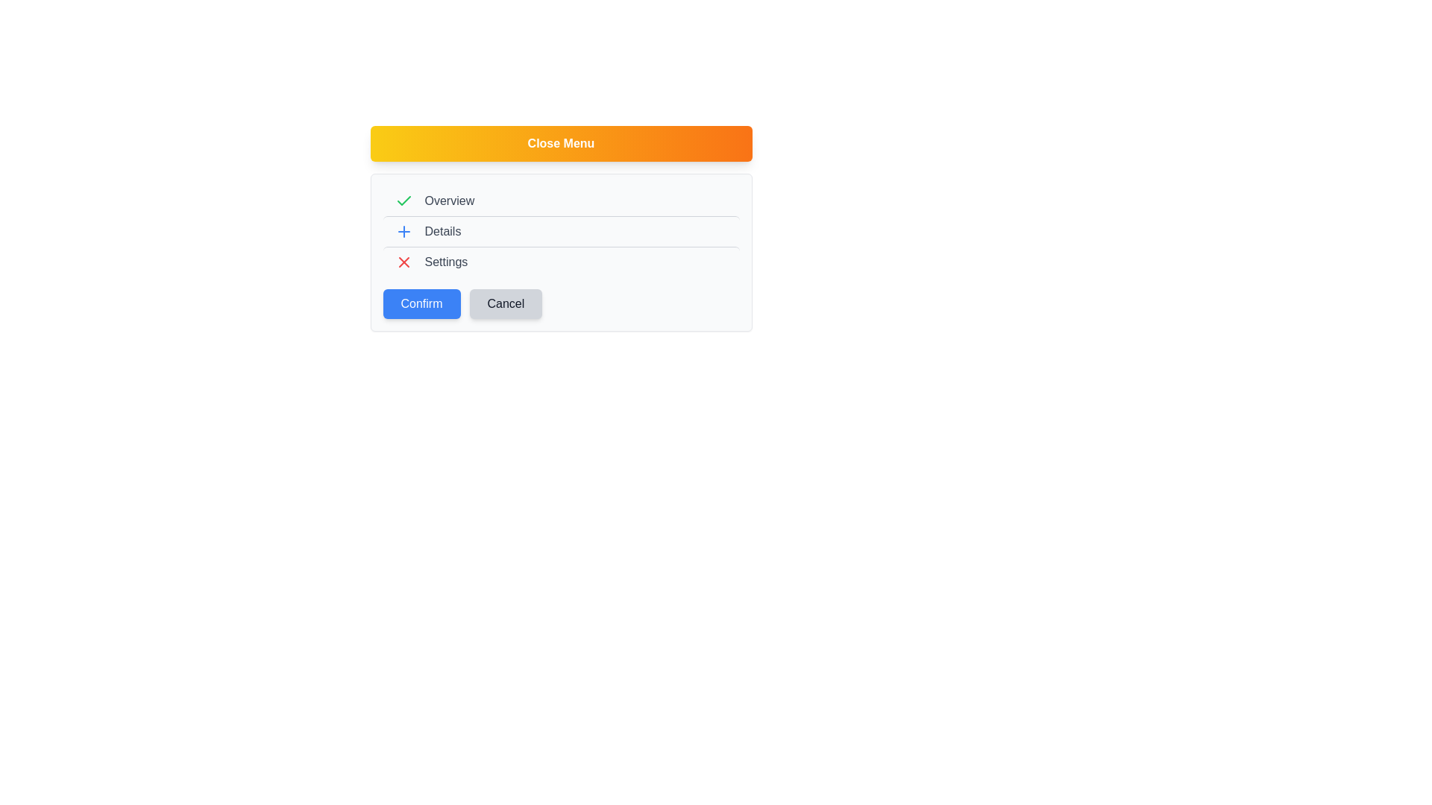  Describe the element at coordinates (560, 261) in the screenshot. I see `the menu item labeled Settings` at that location.